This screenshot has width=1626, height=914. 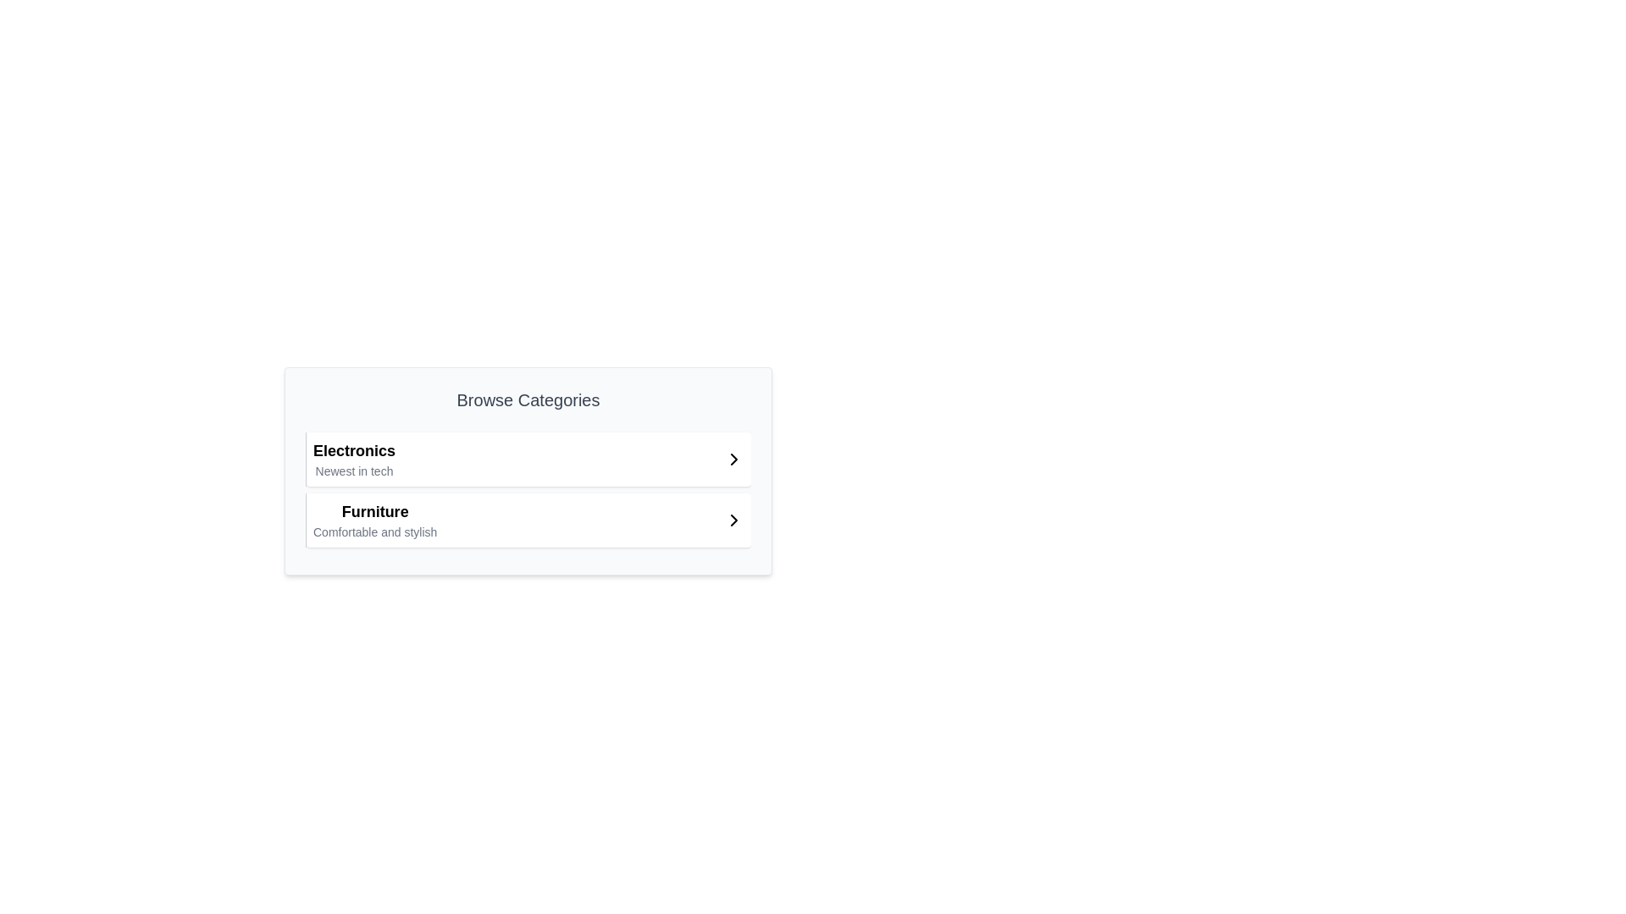 What do you see at coordinates (734, 460) in the screenshot?
I see `the button located at the right edge of the 'Electronics' card` at bounding box center [734, 460].